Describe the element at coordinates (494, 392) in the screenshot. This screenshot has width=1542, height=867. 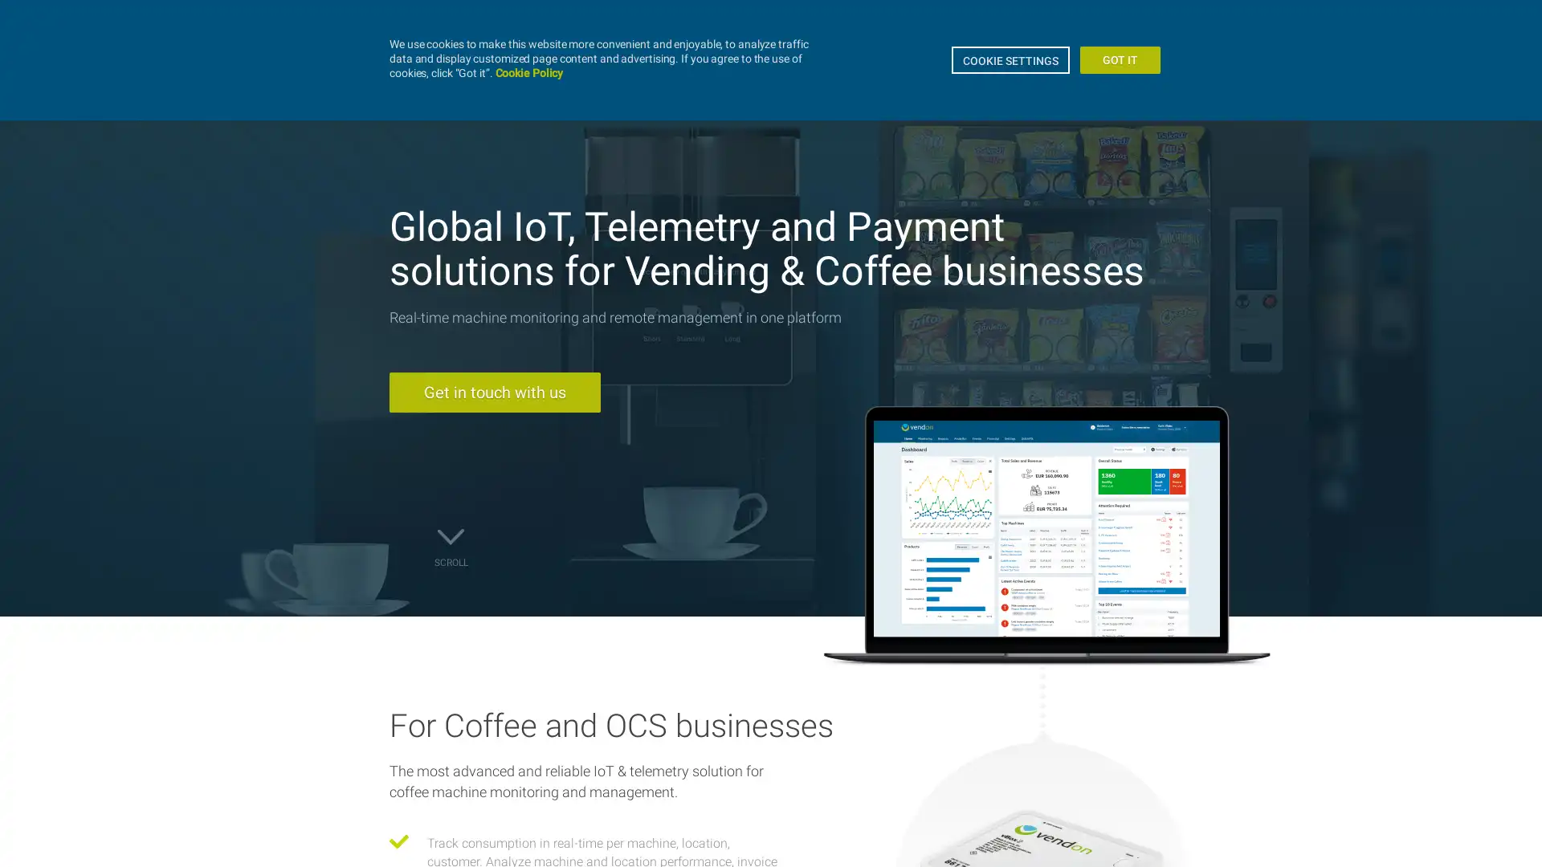
I see `Get in touch with us` at that location.